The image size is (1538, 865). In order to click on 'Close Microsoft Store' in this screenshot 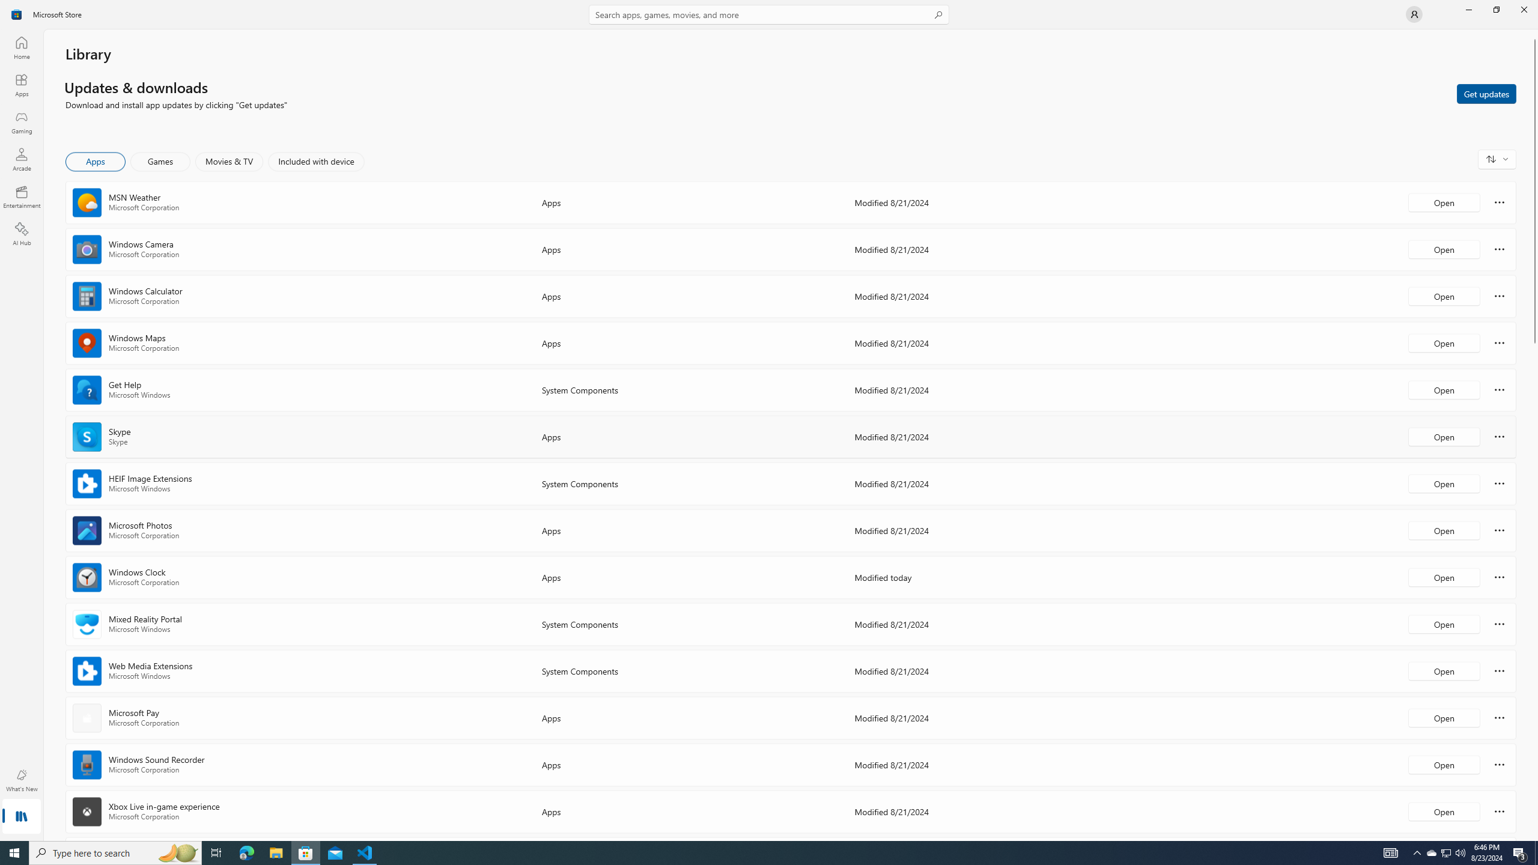, I will do `click(1523, 9)`.